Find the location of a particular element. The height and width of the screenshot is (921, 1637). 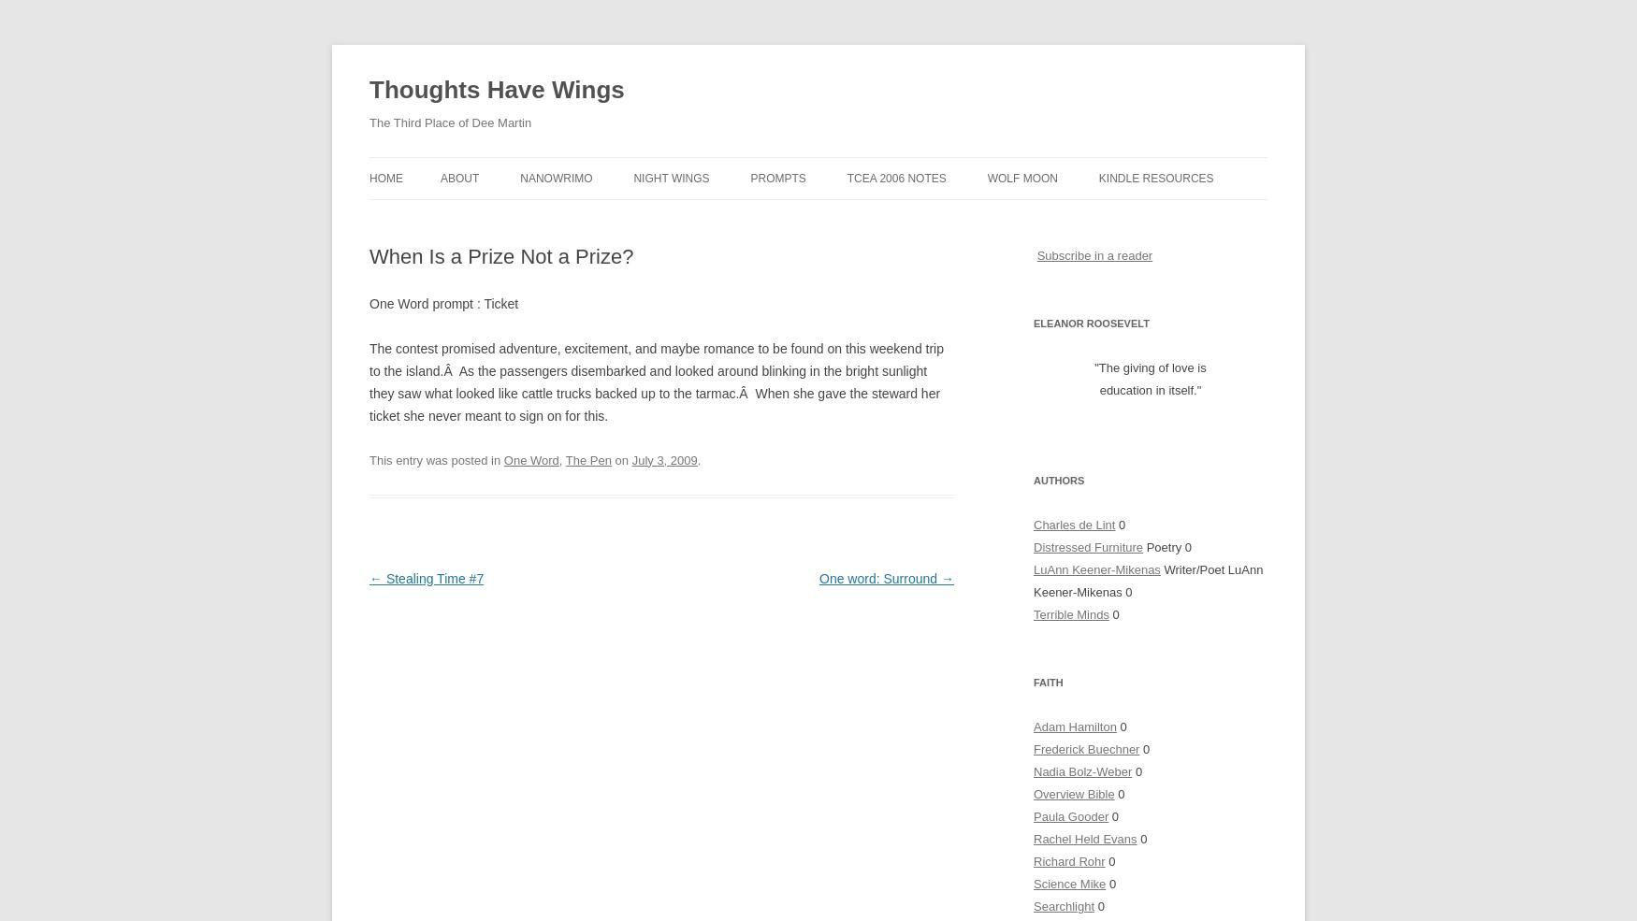

'Subscribe in a reader' is located at coordinates (1094, 254).